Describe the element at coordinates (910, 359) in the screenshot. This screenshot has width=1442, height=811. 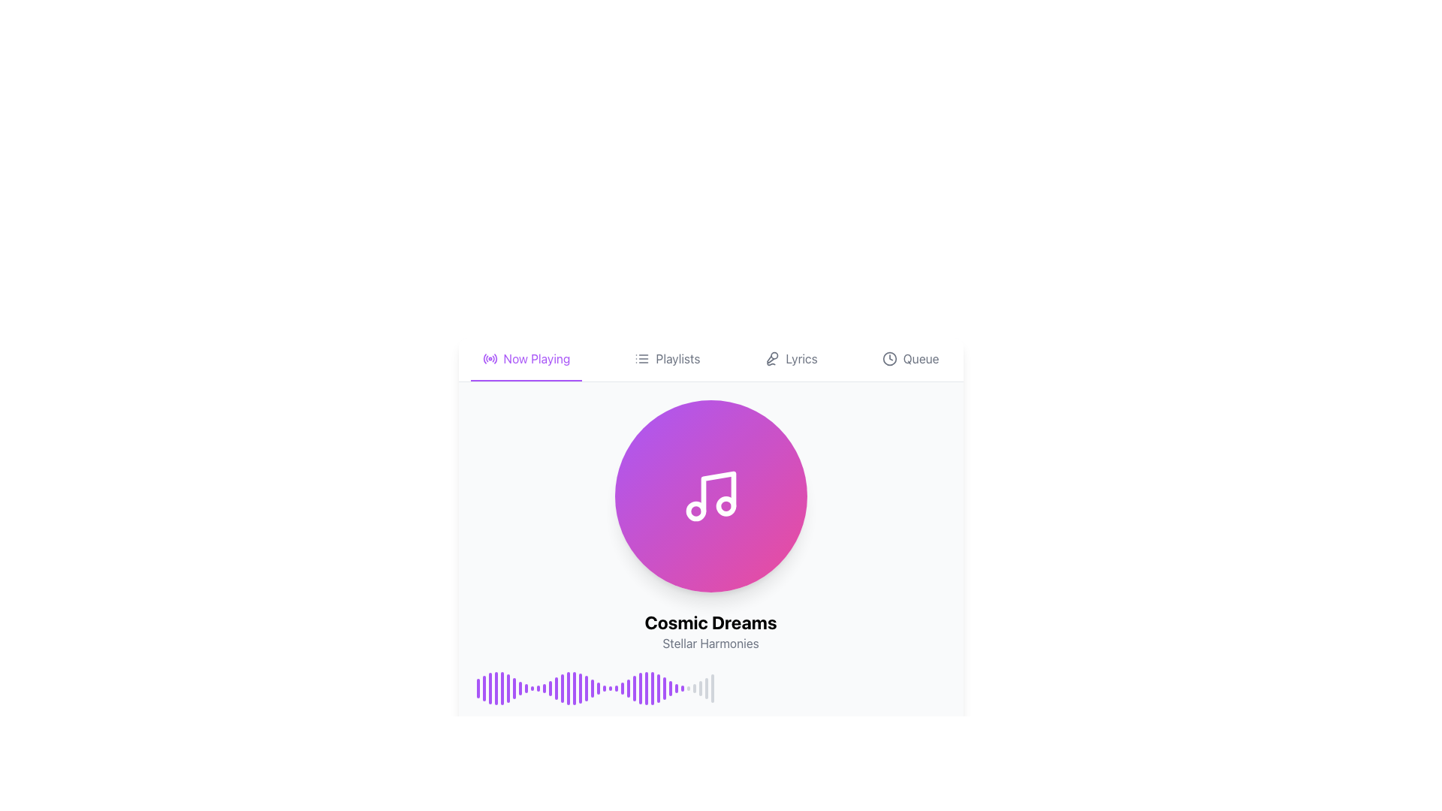
I see `the 'Queue' button, which is the fourth button in the navigation bar, to trigger visual feedback` at that location.